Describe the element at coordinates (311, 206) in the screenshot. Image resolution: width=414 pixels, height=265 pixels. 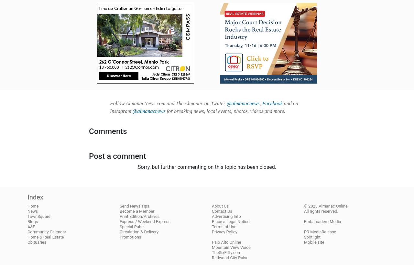
I see `'© 2023'` at that location.